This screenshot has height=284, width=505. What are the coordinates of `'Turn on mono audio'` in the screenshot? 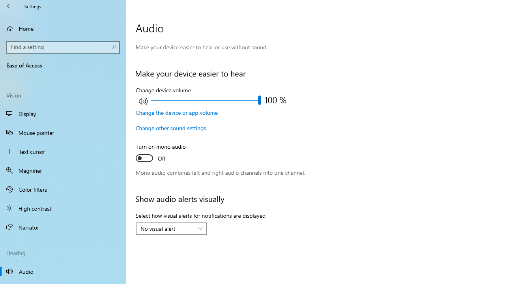 It's located at (164, 153).